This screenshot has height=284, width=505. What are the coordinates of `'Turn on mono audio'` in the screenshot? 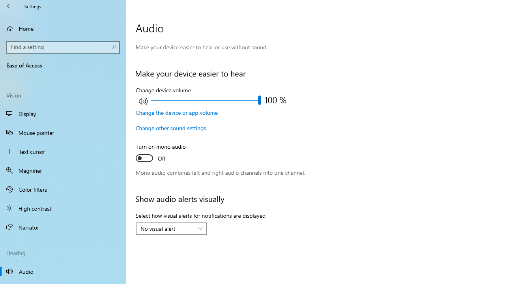 It's located at (164, 153).